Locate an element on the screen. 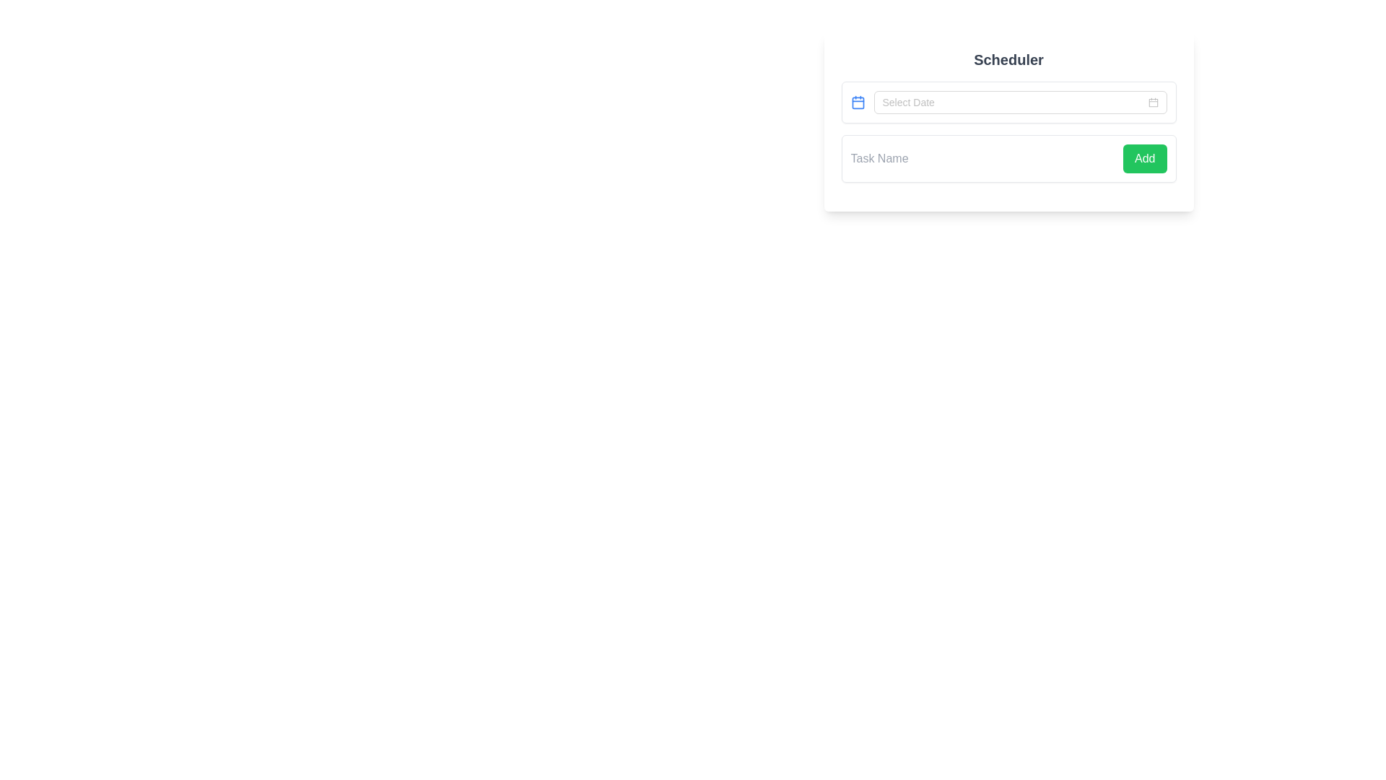  the rectangular background of the calendar icon, which has a blue outline and is located to the left of the 'Select Date' text field is located at coordinates (858, 102).